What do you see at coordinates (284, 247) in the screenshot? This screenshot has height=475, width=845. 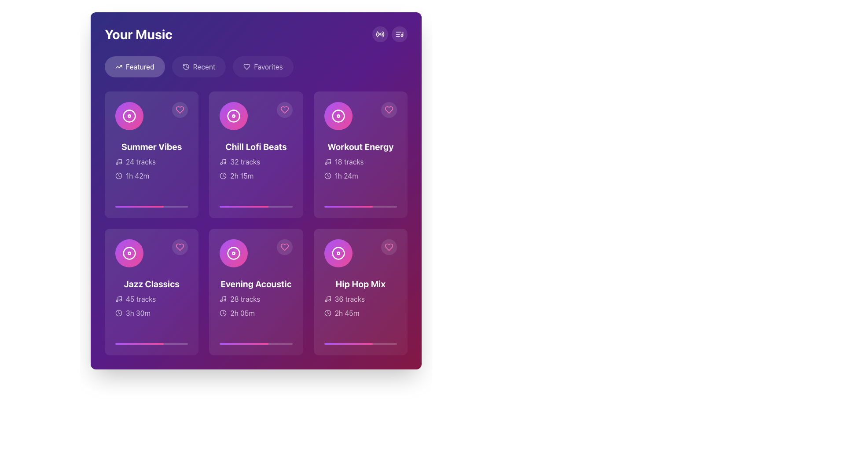 I see `the heart-shaped icon filled with a pinkish color in the top-right corner of the 'Evening Acoustic' music card` at bounding box center [284, 247].